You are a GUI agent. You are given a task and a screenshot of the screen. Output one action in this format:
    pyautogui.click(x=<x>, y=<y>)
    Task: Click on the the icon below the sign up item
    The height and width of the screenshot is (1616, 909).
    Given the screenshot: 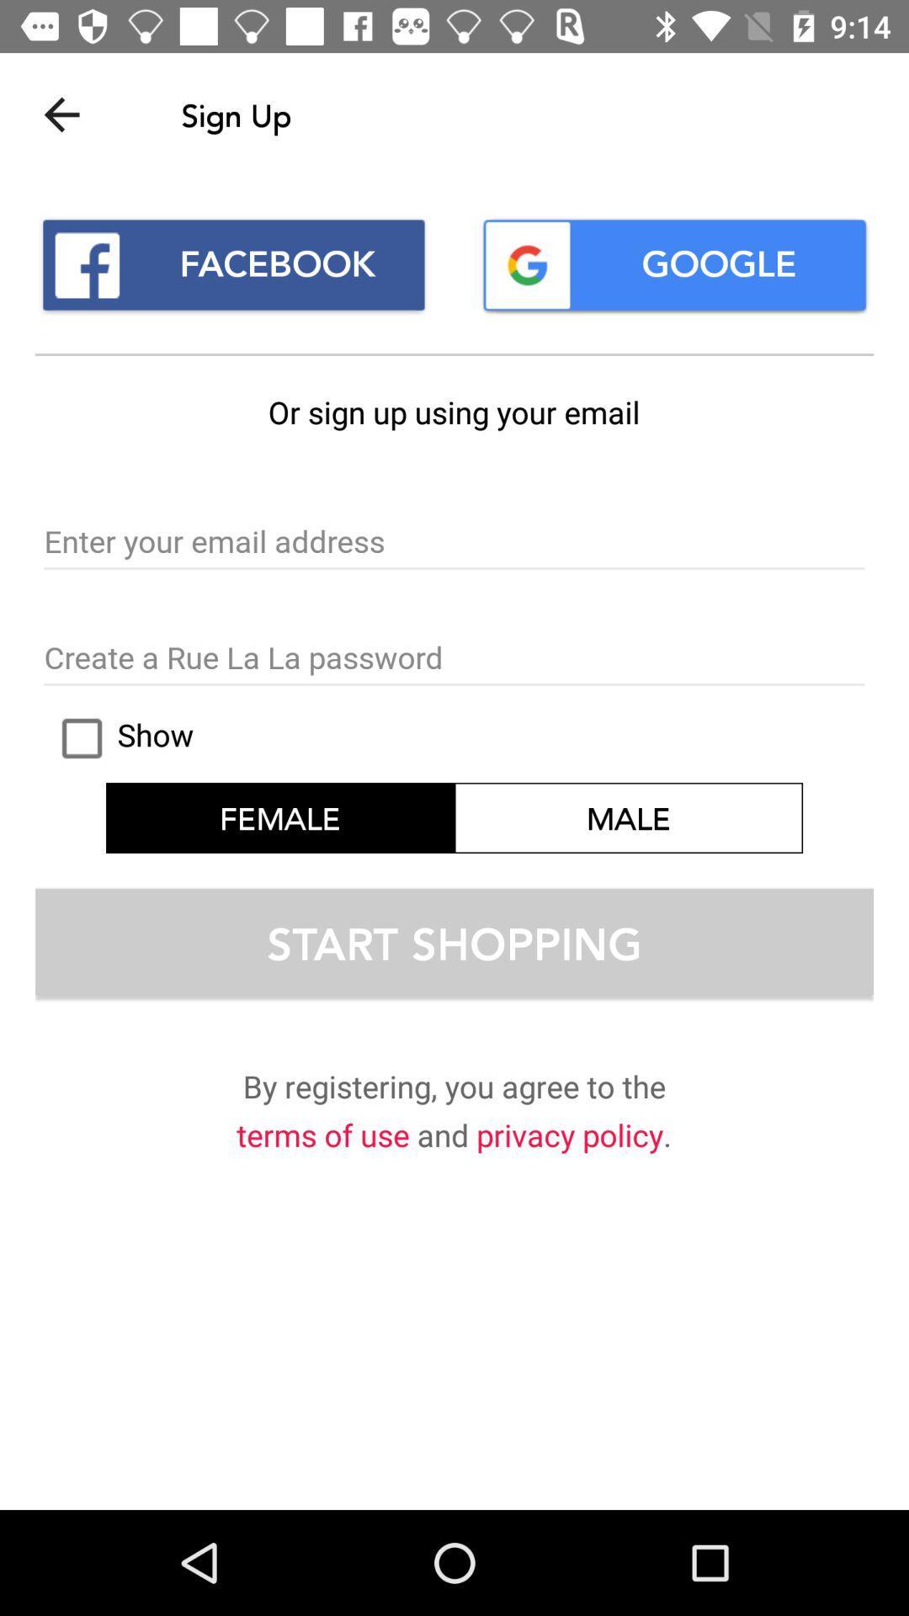 What is the action you would take?
    pyautogui.click(x=673, y=264)
    